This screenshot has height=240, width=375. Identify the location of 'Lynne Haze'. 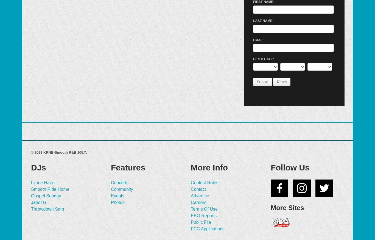
(42, 182).